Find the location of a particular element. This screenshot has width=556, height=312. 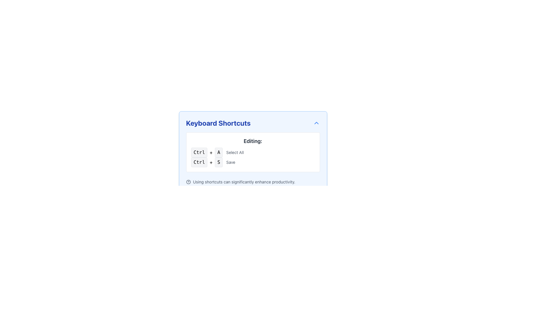

the help icon located to the left of the informational text 'Using shortcuts can significantly enhance productivity.' is located at coordinates (253, 181).